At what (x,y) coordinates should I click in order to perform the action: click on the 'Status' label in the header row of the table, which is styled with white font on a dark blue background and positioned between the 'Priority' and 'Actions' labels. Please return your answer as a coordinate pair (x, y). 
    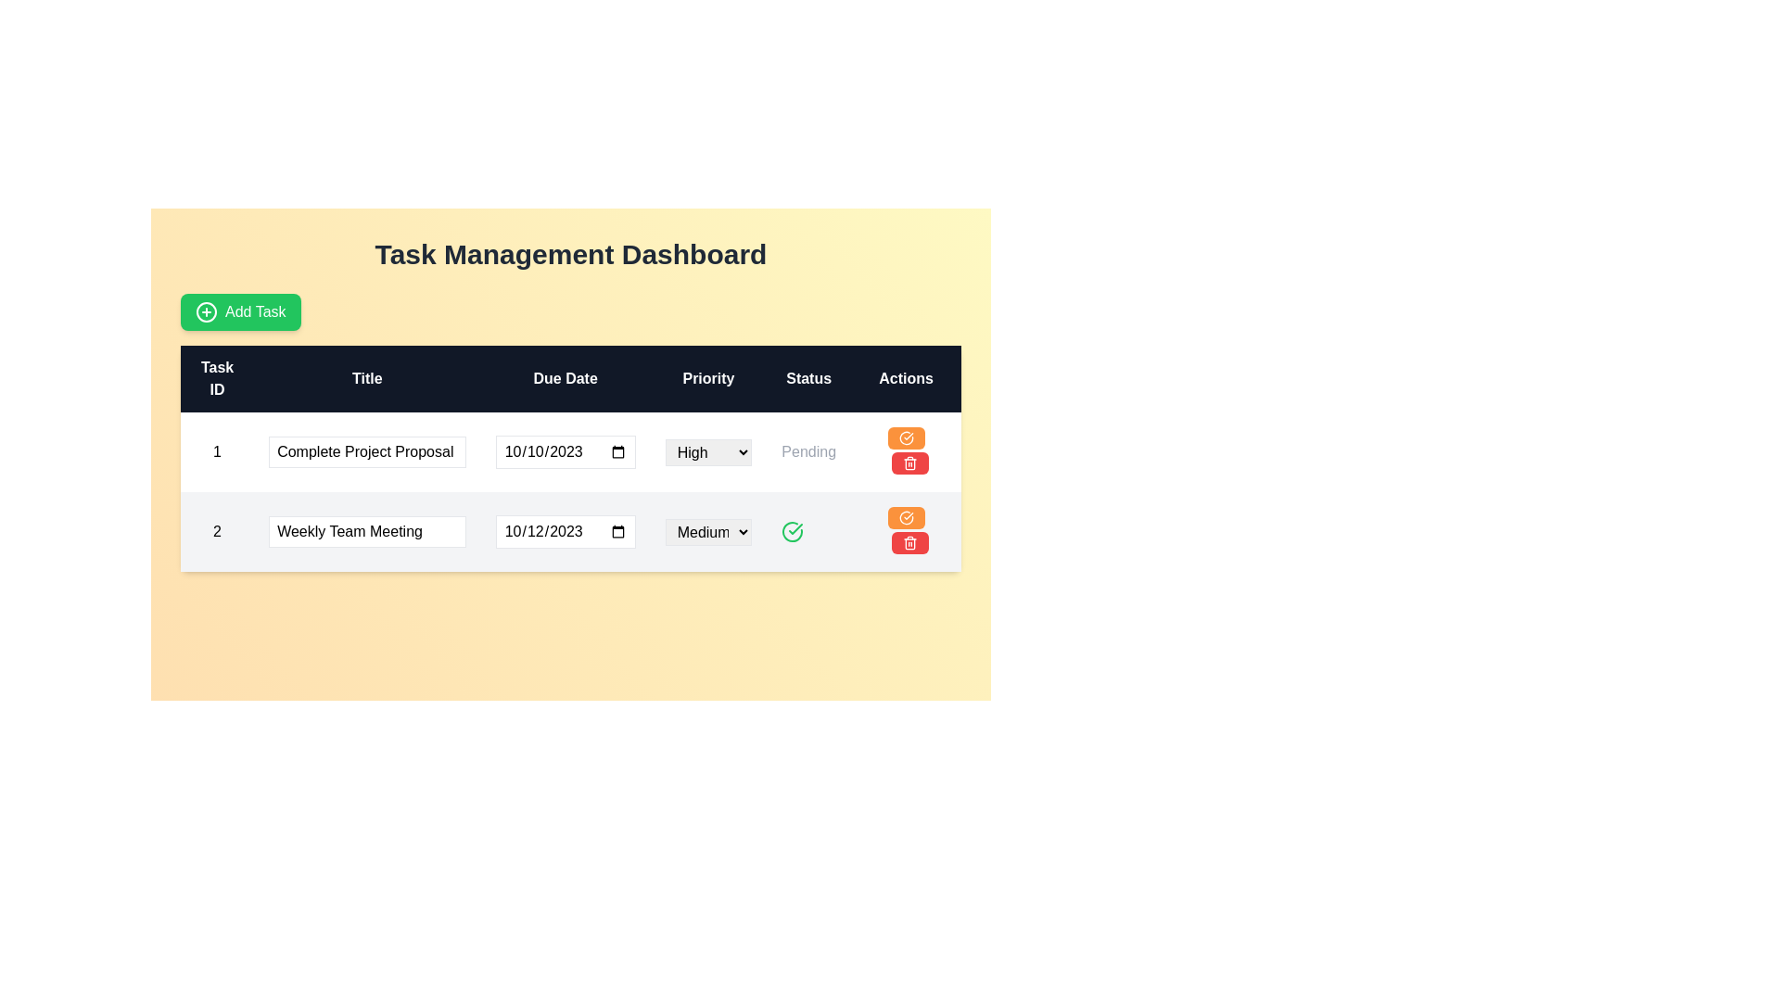
    Looking at the image, I should click on (808, 377).